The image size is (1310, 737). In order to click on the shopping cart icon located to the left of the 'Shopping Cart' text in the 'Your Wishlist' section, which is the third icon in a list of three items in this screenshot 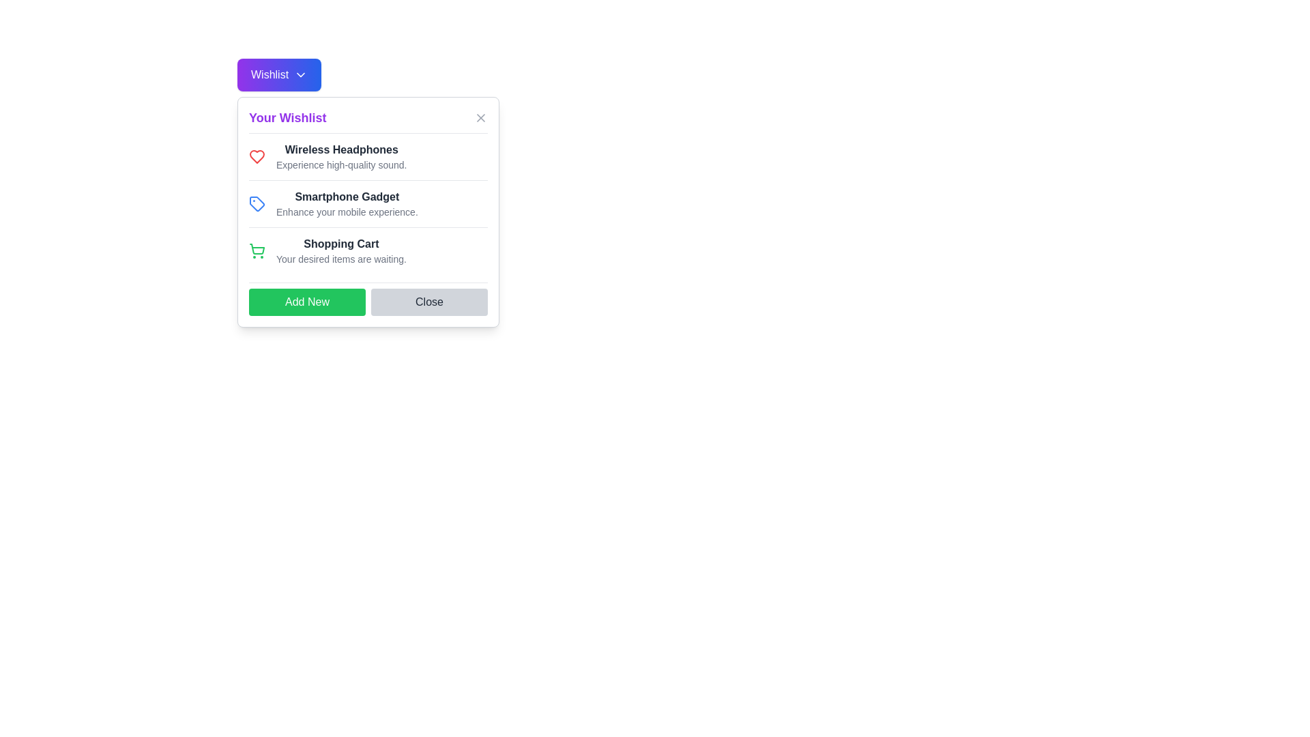, I will do `click(257, 250)`.